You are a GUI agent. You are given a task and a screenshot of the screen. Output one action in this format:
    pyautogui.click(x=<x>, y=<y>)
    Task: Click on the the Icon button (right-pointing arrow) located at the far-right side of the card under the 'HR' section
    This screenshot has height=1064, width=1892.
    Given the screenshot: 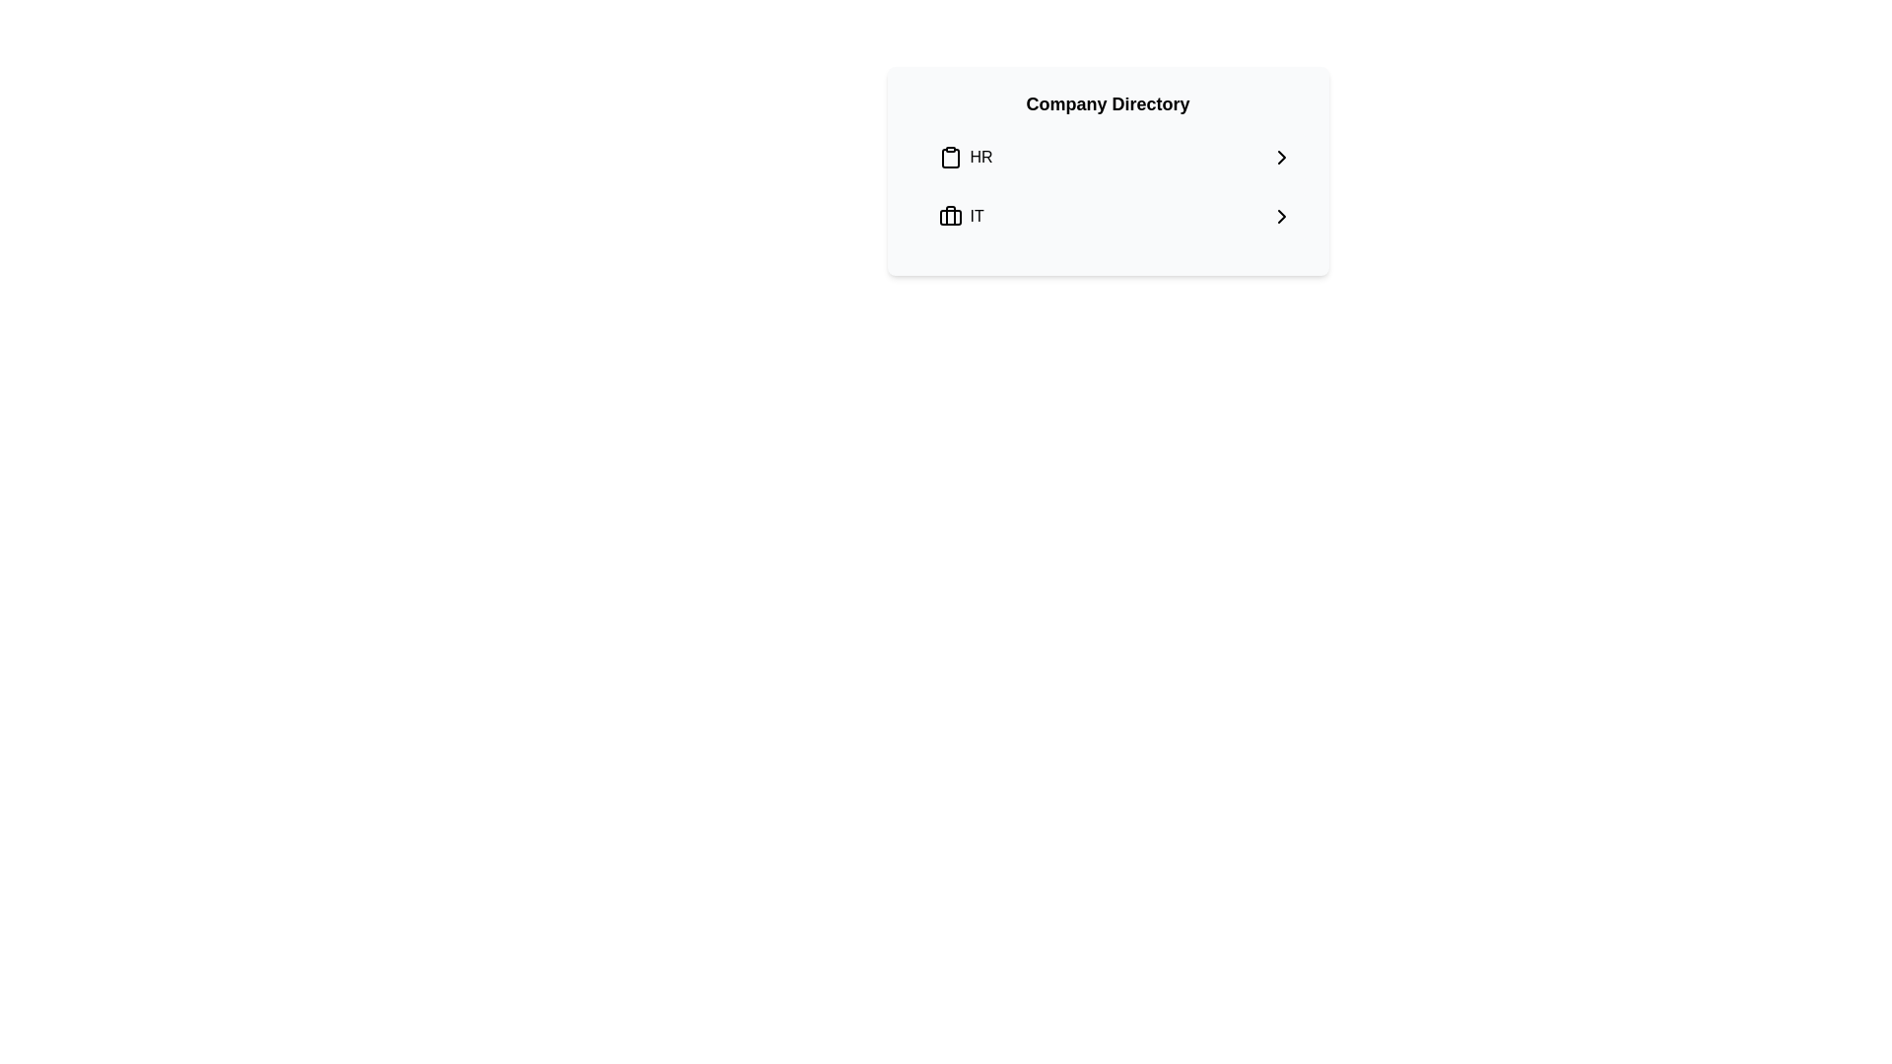 What is the action you would take?
    pyautogui.click(x=1281, y=156)
    